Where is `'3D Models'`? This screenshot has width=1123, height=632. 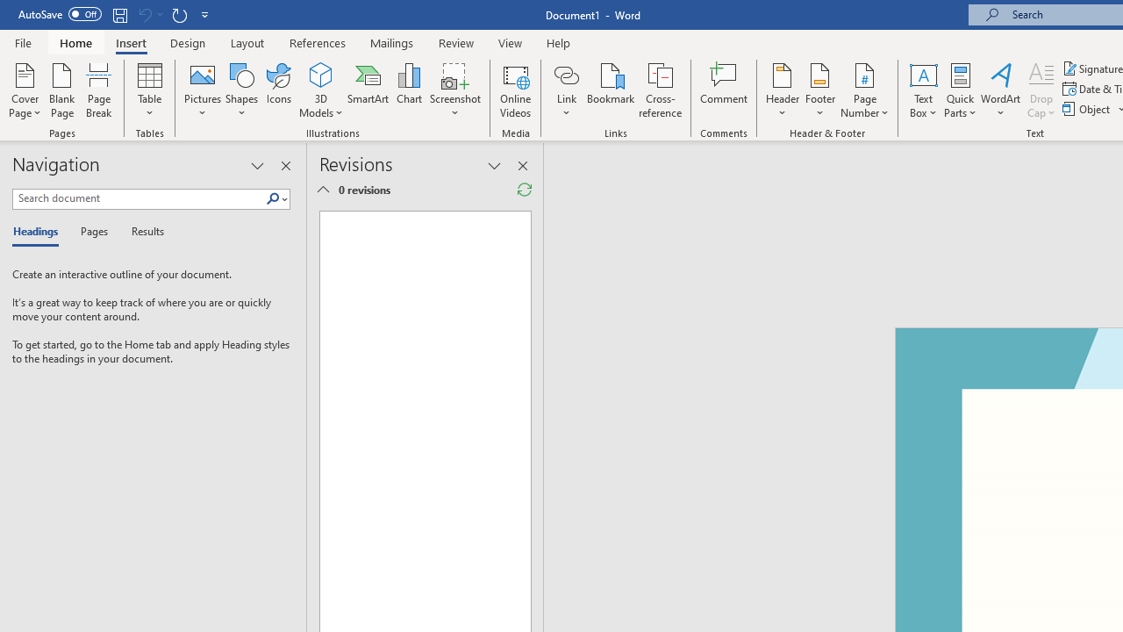
'3D Models' is located at coordinates (321, 90).